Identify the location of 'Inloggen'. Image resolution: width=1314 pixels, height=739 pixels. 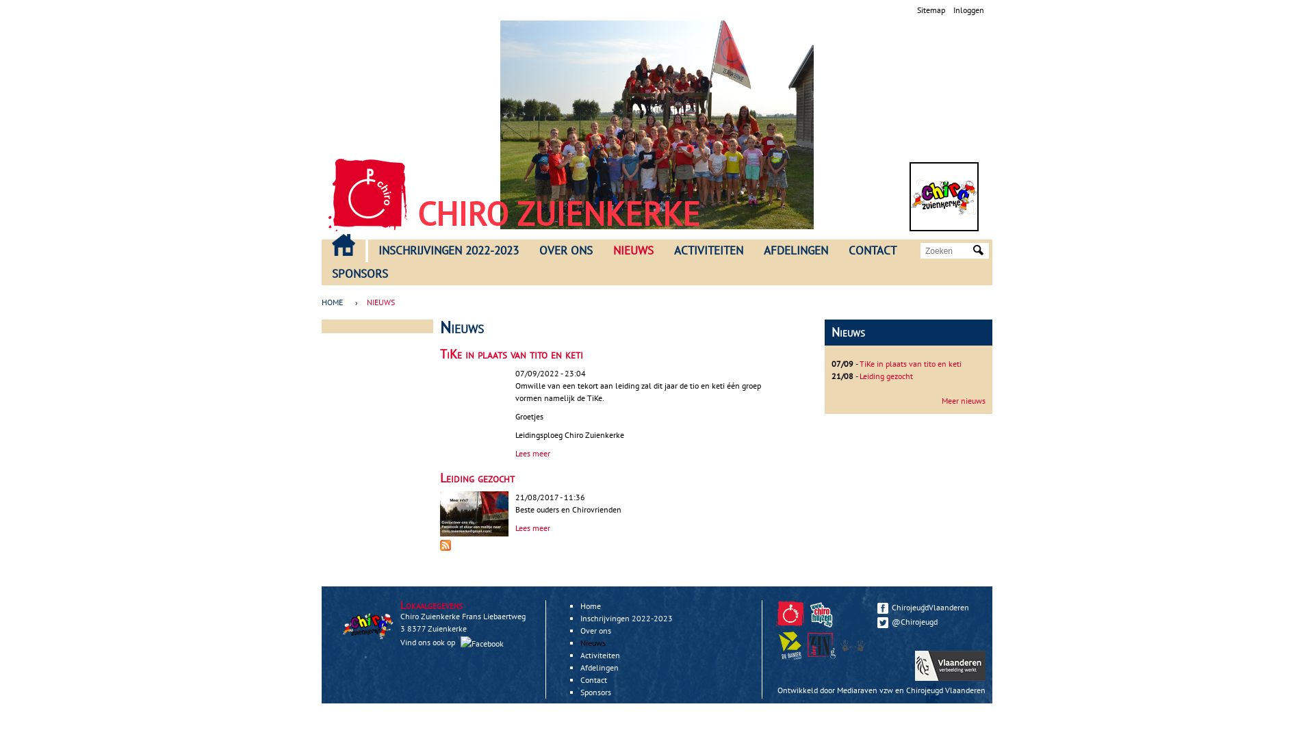
(968, 10).